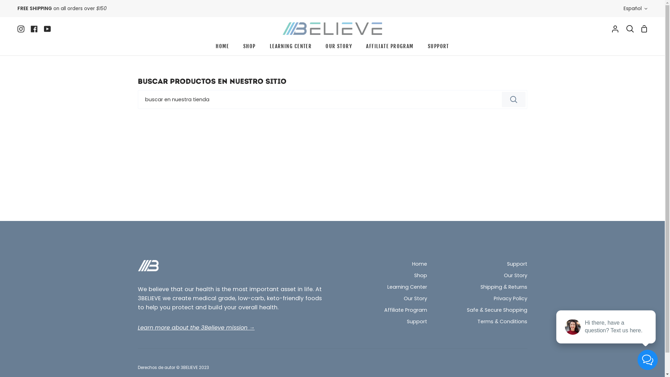 The image size is (670, 377). Describe the element at coordinates (407, 288) in the screenshot. I see `'Learning Center'` at that location.